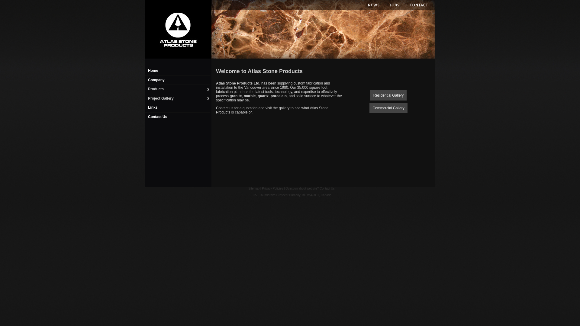  I want to click on 'Company', so click(156, 80).